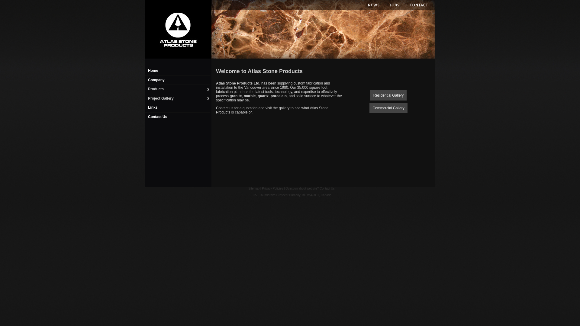  I want to click on 'Company', so click(156, 80).